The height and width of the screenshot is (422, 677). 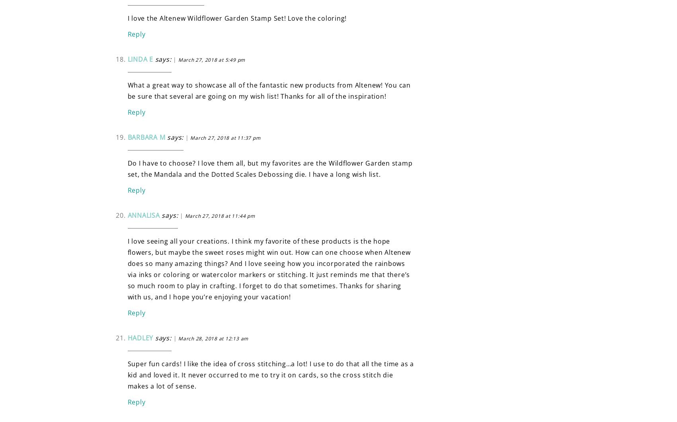 What do you see at coordinates (140, 58) in the screenshot?
I see `'Linda E'` at bounding box center [140, 58].